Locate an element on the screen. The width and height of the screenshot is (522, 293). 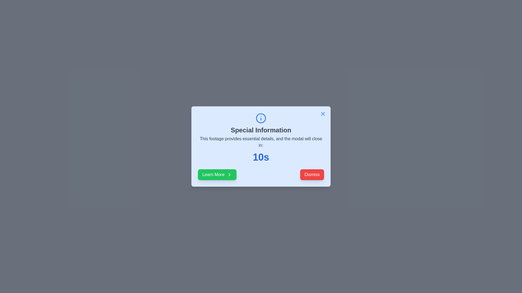
the 'Learn More' button located at the bottom-left corner of the modal window is located at coordinates (217, 175).